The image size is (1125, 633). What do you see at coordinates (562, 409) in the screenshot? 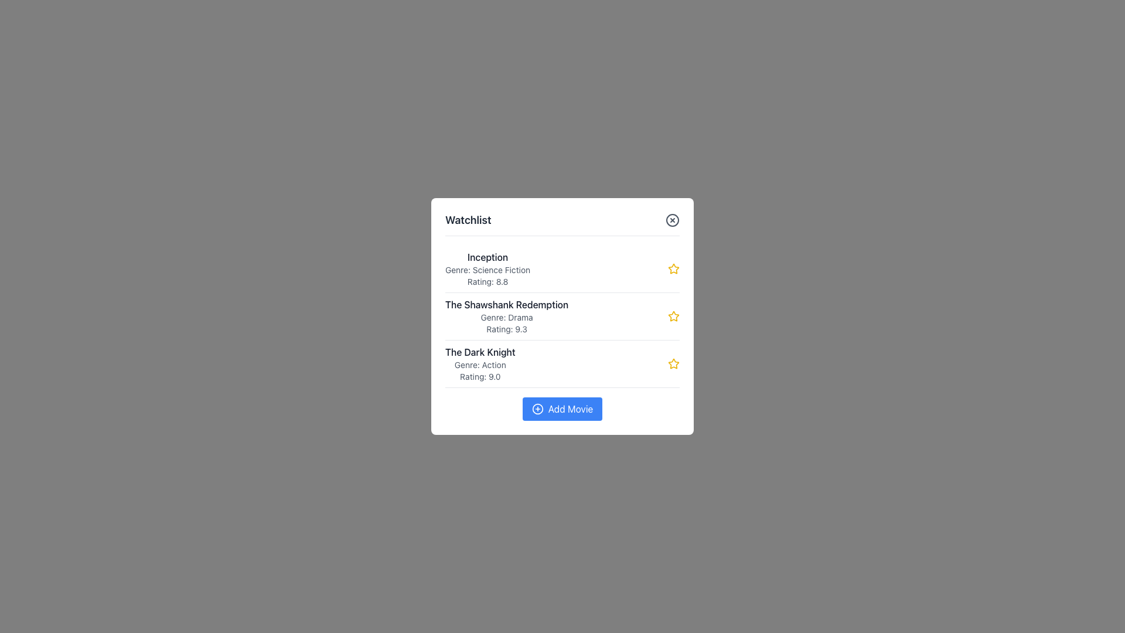
I see `the blue button labeled 'Add Movie' with a plus icon, located at the bottom center of the 'Watchlist' modal` at bounding box center [562, 409].